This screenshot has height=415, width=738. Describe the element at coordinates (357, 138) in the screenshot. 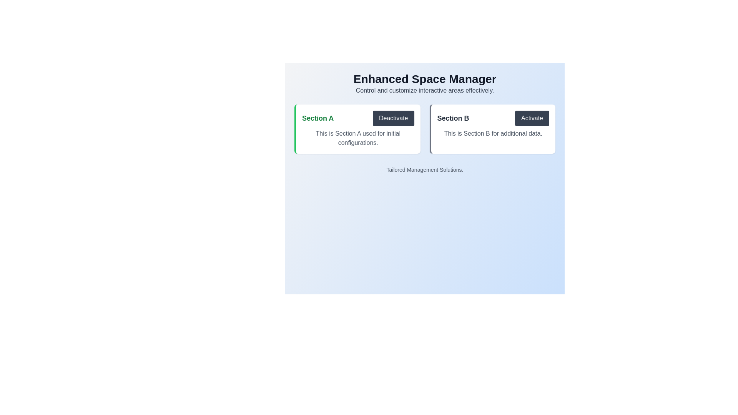

I see `the Text Label that contains the text 'This is Section A used for initial configurations.', styled in gray and located below the bold green label 'Section A' and the 'Deactivate' button` at that location.